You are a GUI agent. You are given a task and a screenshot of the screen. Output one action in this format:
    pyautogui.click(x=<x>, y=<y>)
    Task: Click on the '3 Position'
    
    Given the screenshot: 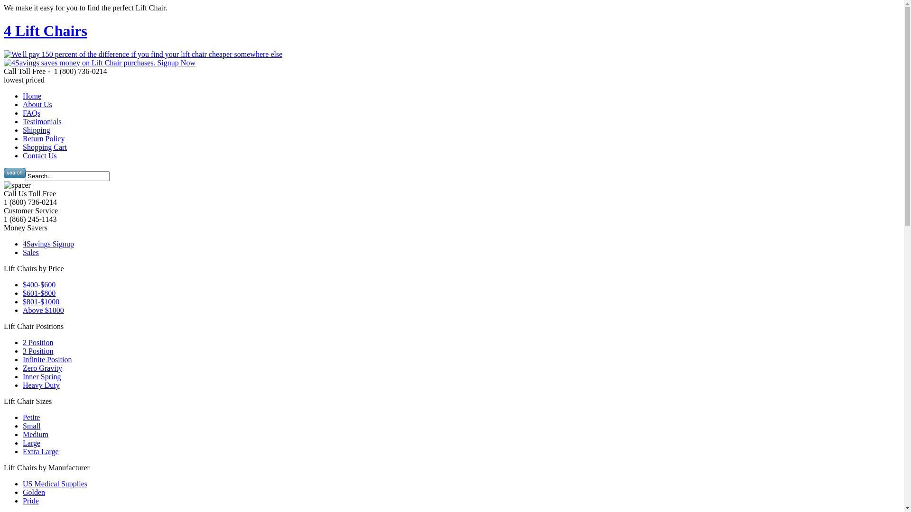 What is the action you would take?
    pyautogui.click(x=38, y=351)
    